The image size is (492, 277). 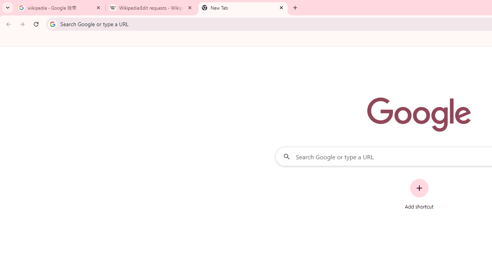 What do you see at coordinates (243, 8) in the screenshot?
I see `'New Tab'` at bounding box center [243, 8].